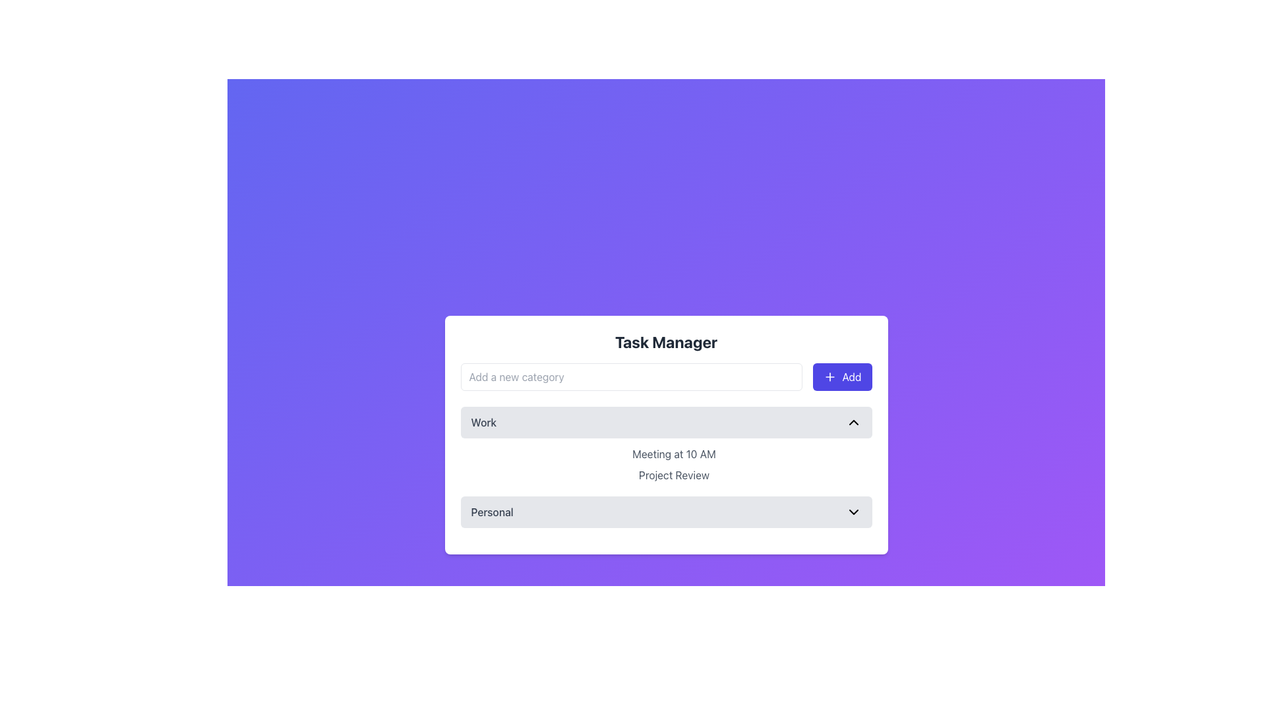  What do you see at coordinates (666, 464) in the screenshot?
I see `the static text displaying 'Meeting at 10 AM' and 'Project Review' located under the 'Work' section in the task manager interface` at bounding box center [666, 464].